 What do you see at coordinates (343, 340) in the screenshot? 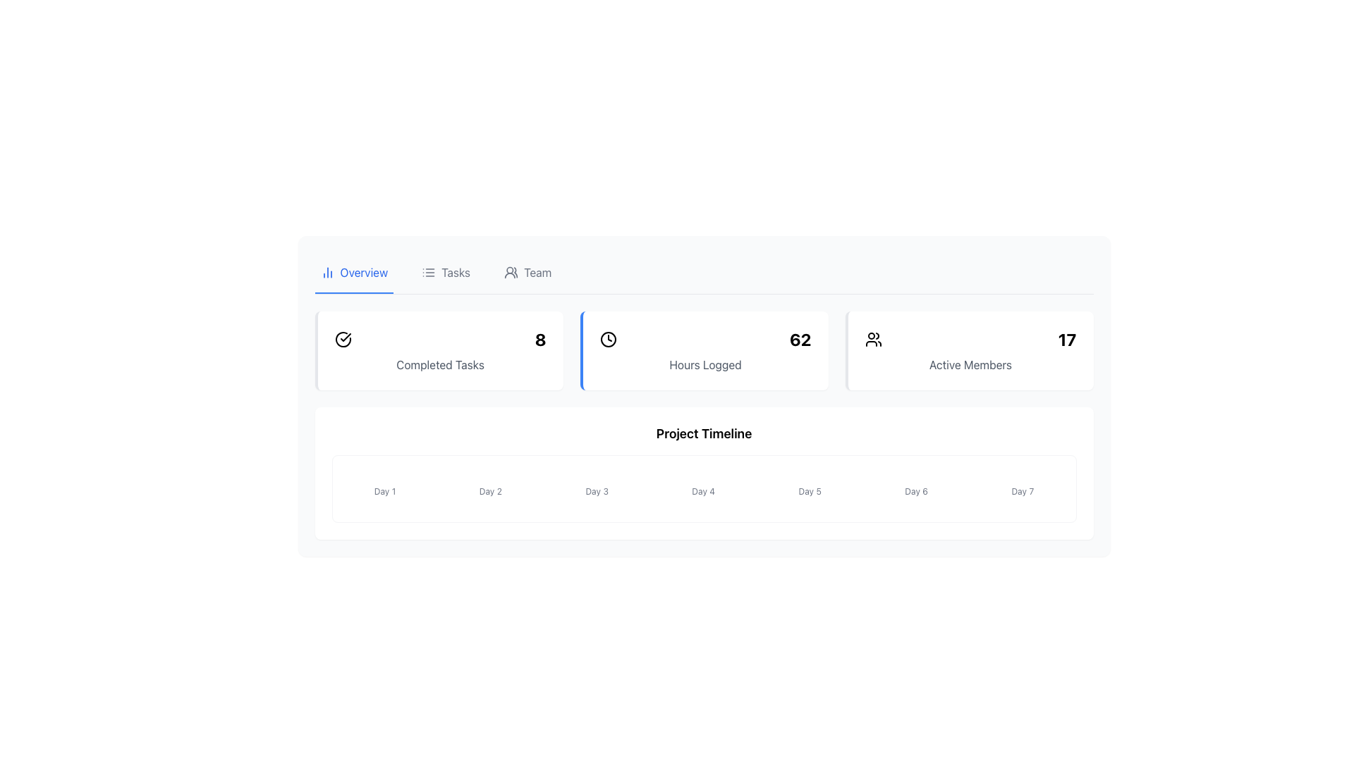
I see `the green checkmark icon encased in a circle located to the left of the number '8' in the 'Completed Tasks' section` at bounding box center [343, 340].